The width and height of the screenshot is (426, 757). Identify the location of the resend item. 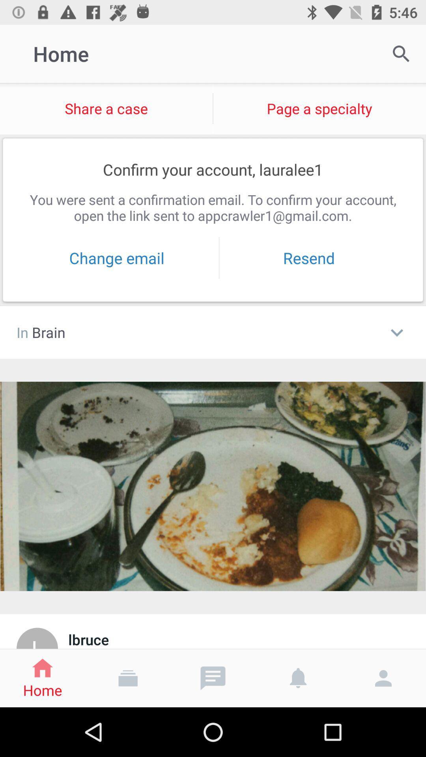
(308, 258).